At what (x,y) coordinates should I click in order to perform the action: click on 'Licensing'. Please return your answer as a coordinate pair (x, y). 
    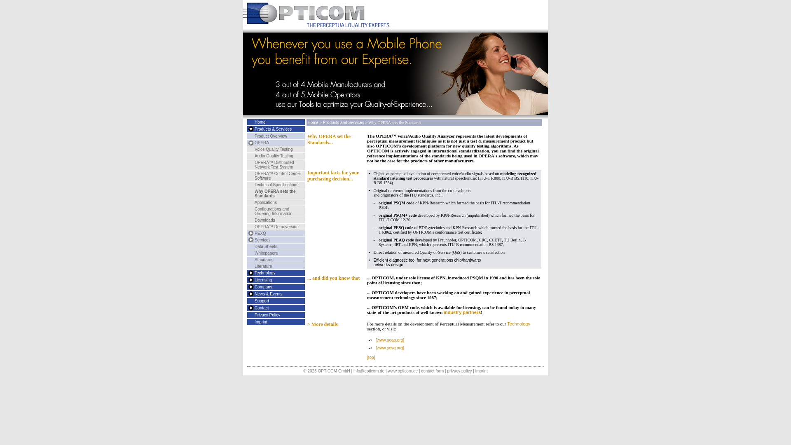
    Looking at the image, I should click on (249, 279).